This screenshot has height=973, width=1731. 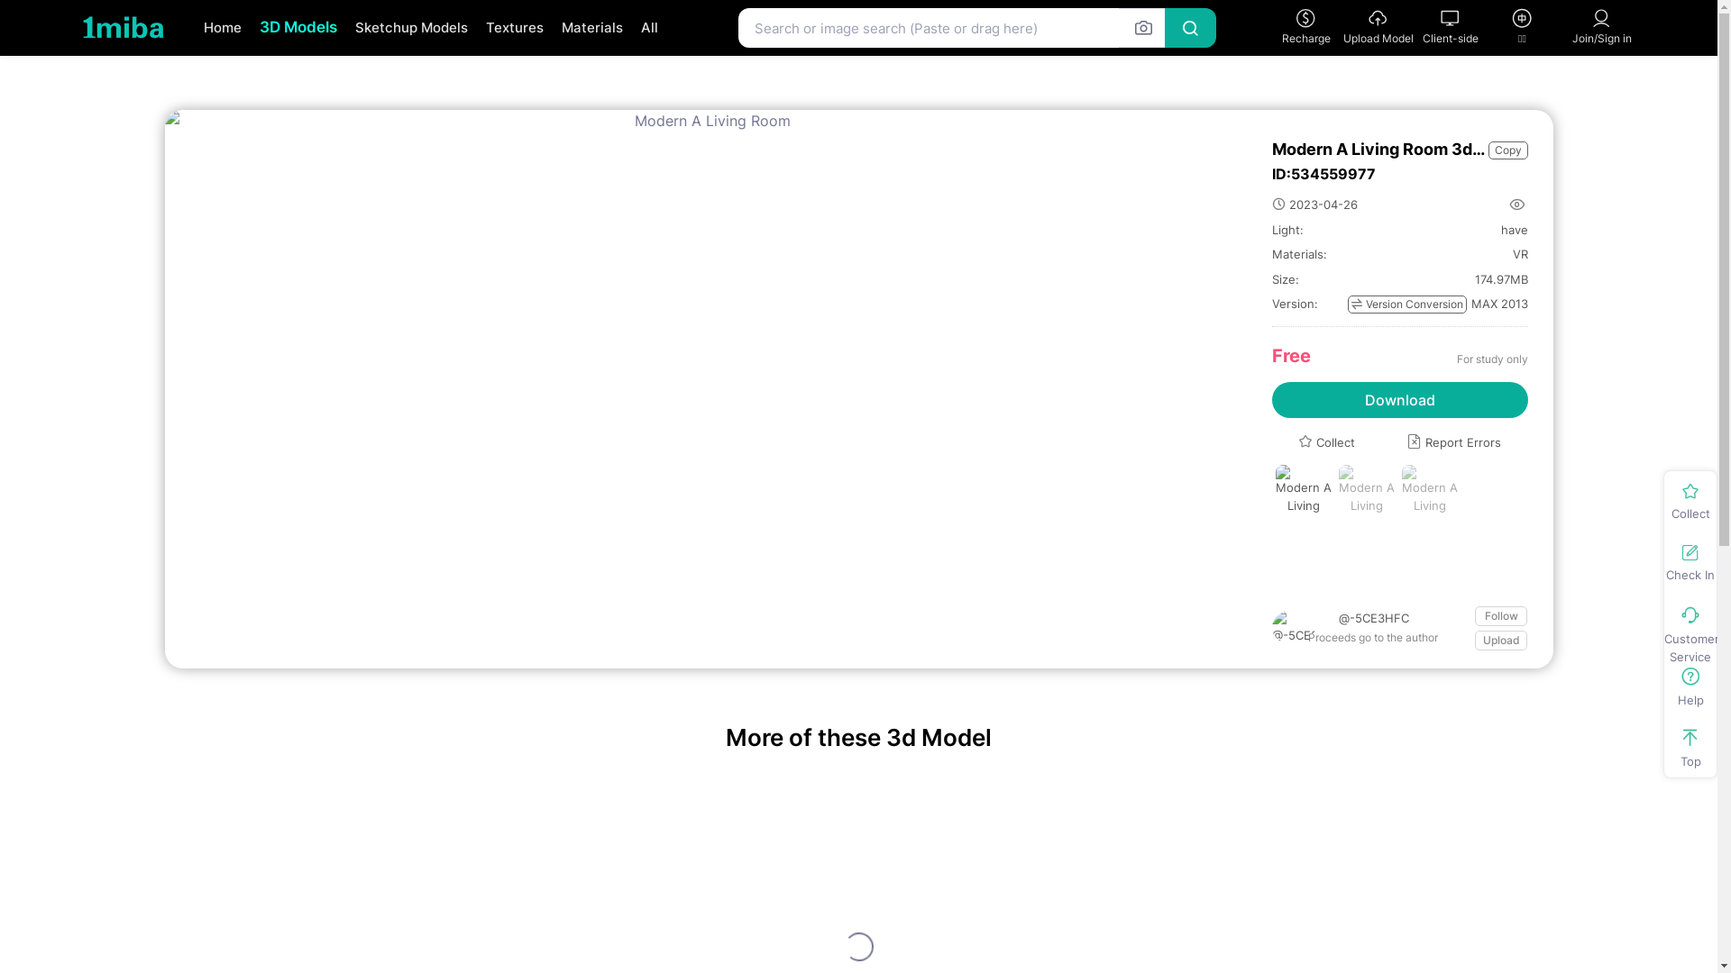 What do you see at coordinates (221, 28) in the screenshot?
I see `'Home'` at bounding box center [221, 28].